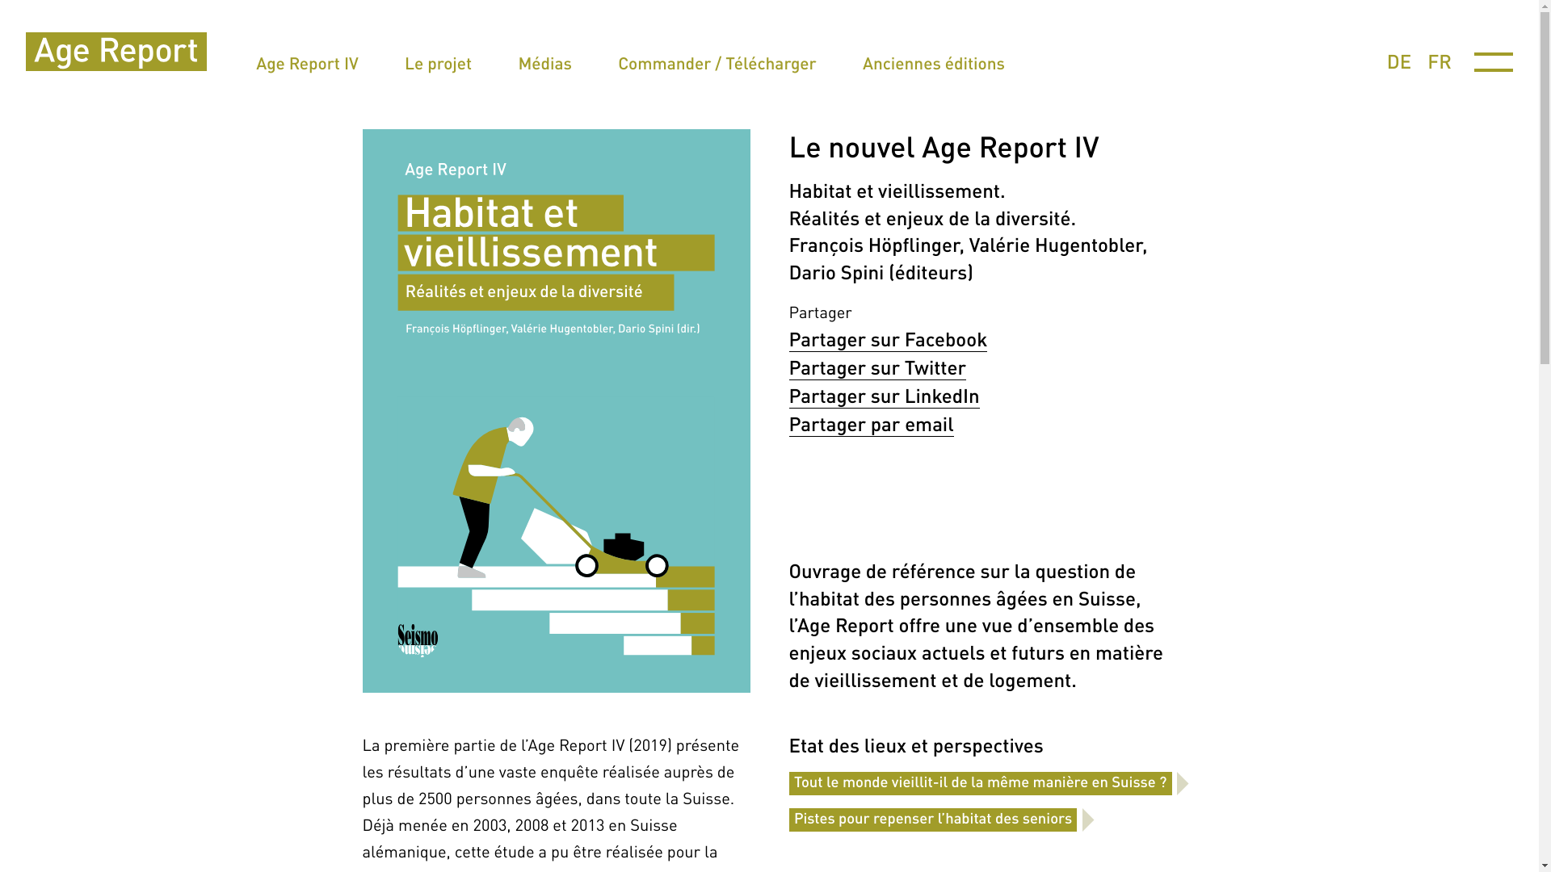 This screenshot has height=872, width=1551. I want to click on 'Partager sur Facebook', so click(887, 338).